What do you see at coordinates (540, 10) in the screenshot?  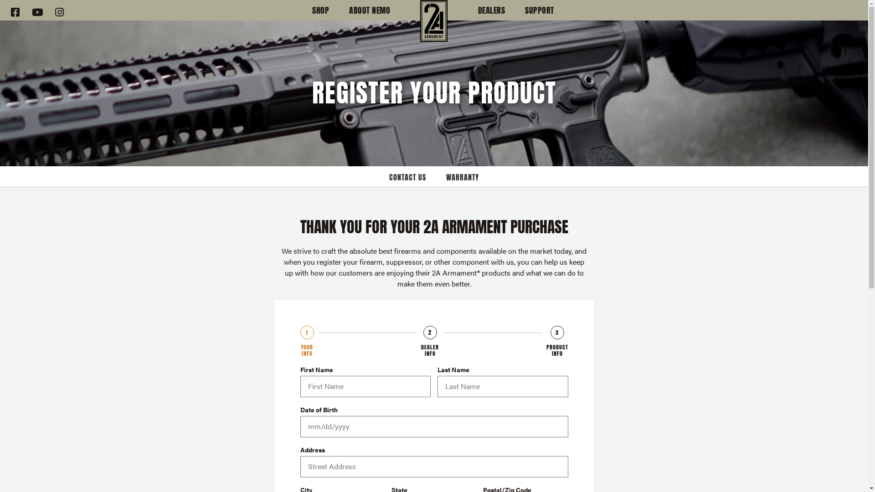 I see `'SUPPORT'` at bounding box center [540, 10].